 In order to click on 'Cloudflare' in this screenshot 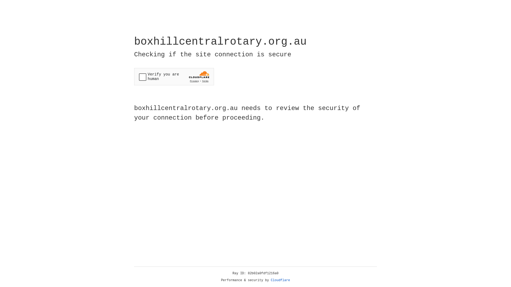, I will do `click(271, 280)`.